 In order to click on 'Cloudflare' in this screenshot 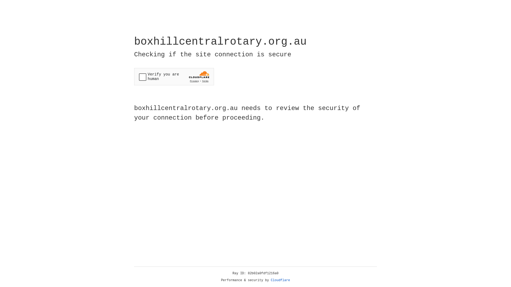, I will do `click(271, 280)`.